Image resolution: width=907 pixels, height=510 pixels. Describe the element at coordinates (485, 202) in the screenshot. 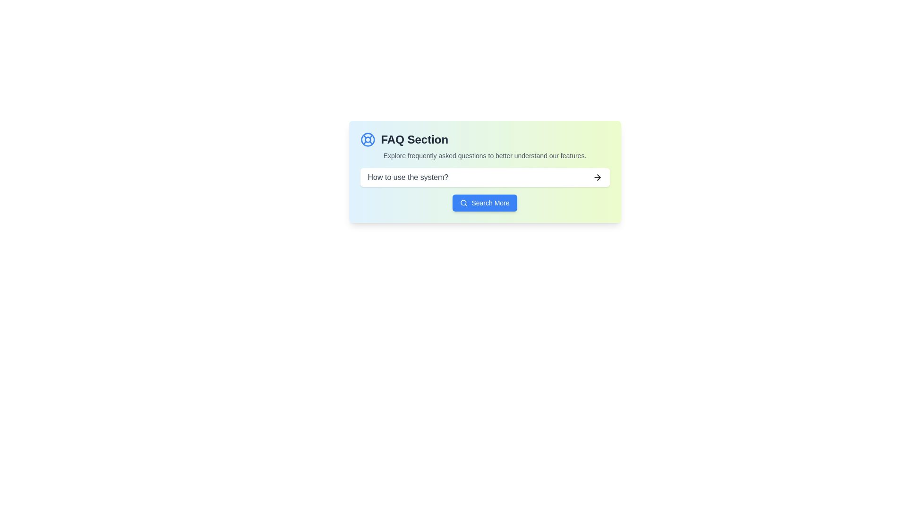

I see `the button located at the bottom center of the FAQ section to observe the hover effect` at that location.